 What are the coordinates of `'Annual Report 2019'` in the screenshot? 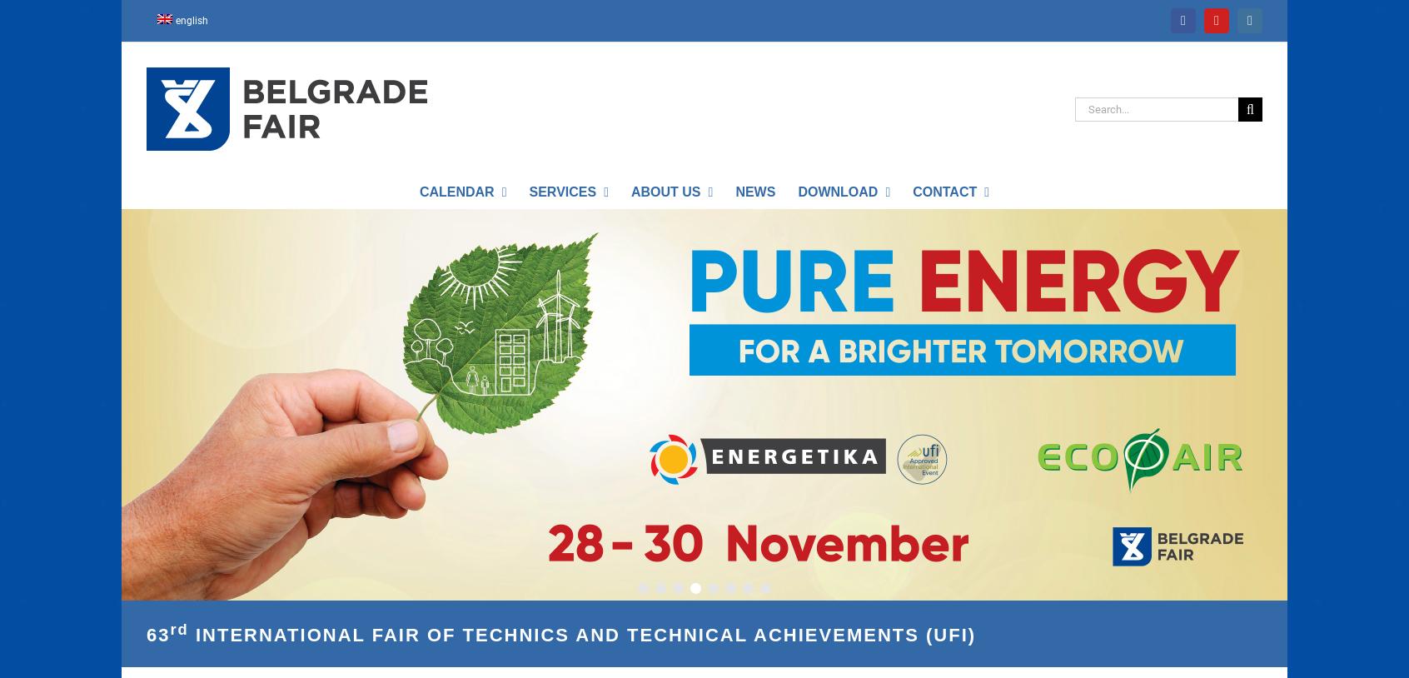 It's located at (635, 224).